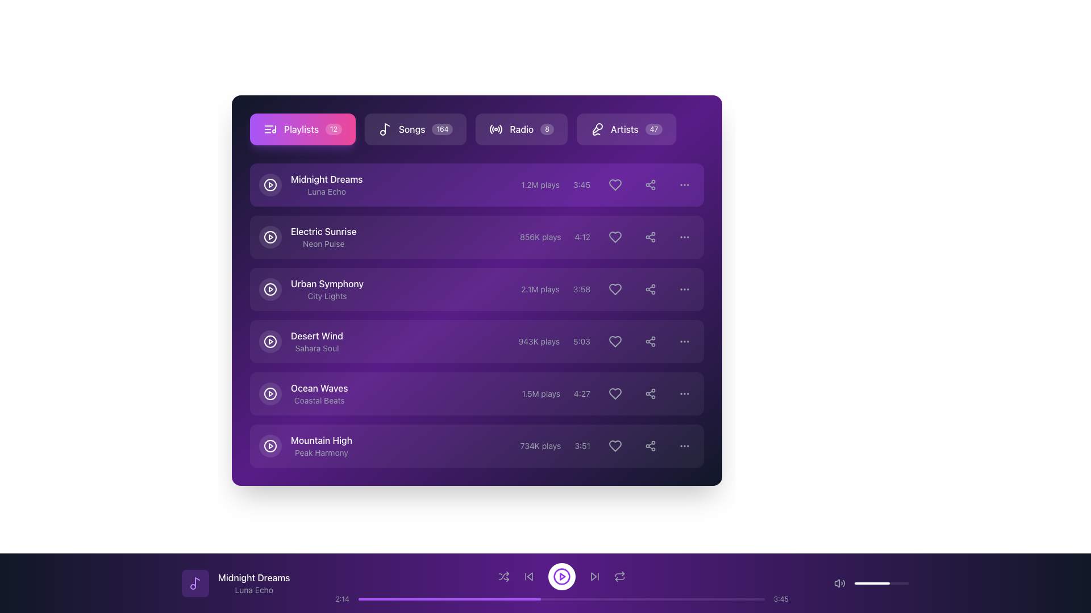 The height and width of the screenshot is (613, 1091). I want to click on the text label displaying the title of the currently playing audio track, located at the bottom section of the interface over the media player bar, so click(253, 578).